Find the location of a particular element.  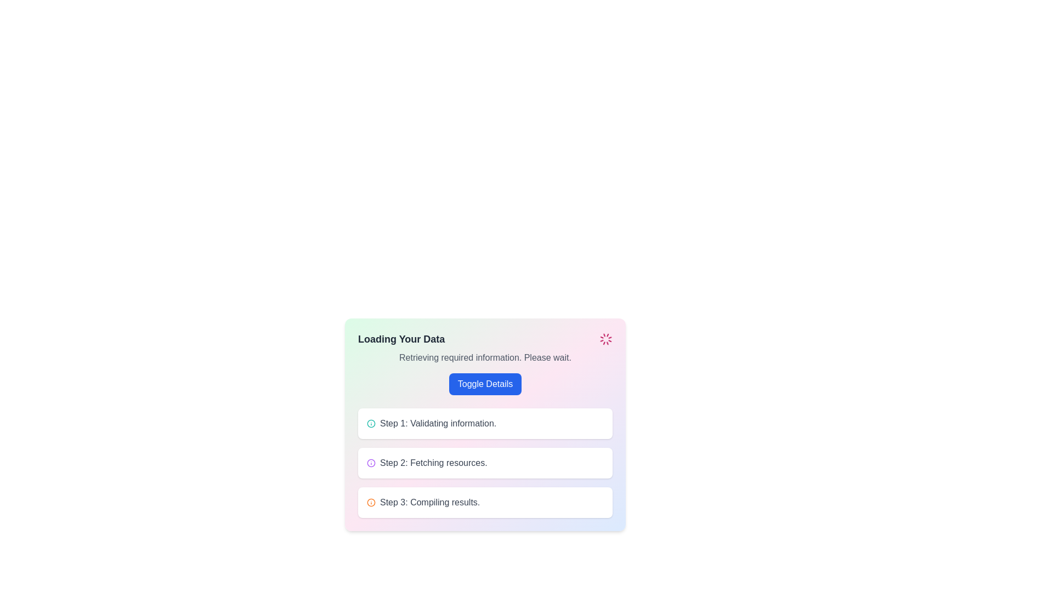

the small, circular loader icon with a pink tone that is positioned to the far right of the 'Loading Your Data' box is located at coordinates (605, 338).